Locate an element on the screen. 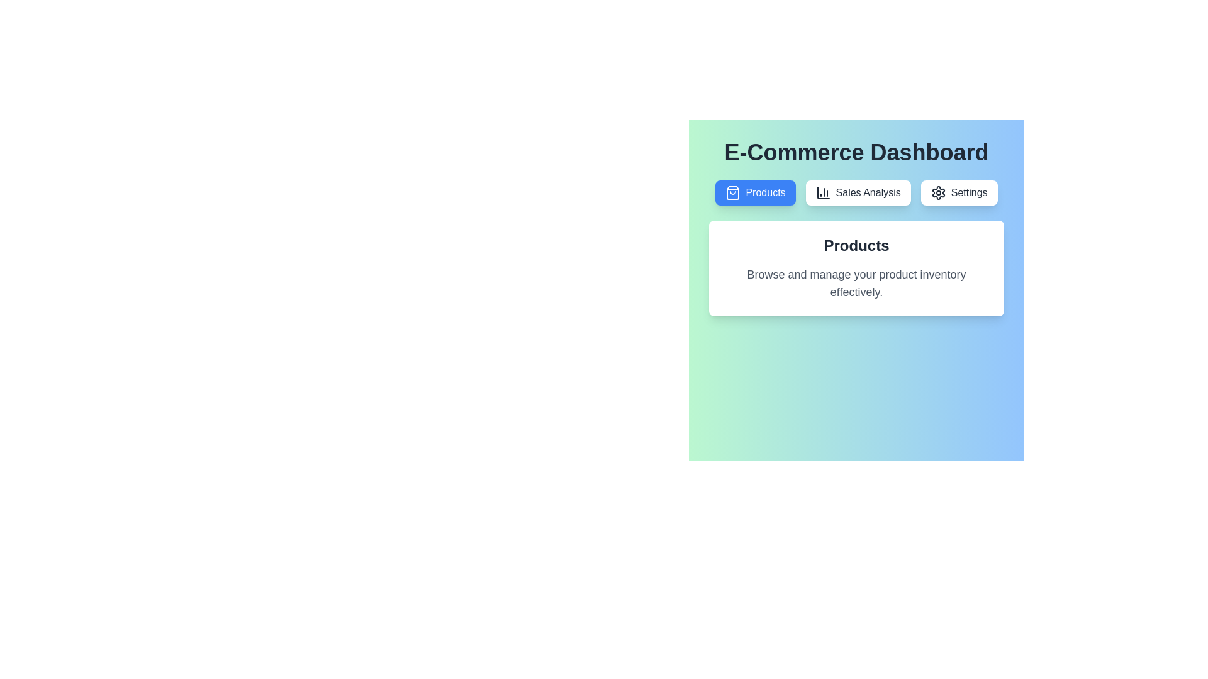  the header text of the E-Commerce Dashboard to select or copy it is located at coordinates (856, 152).